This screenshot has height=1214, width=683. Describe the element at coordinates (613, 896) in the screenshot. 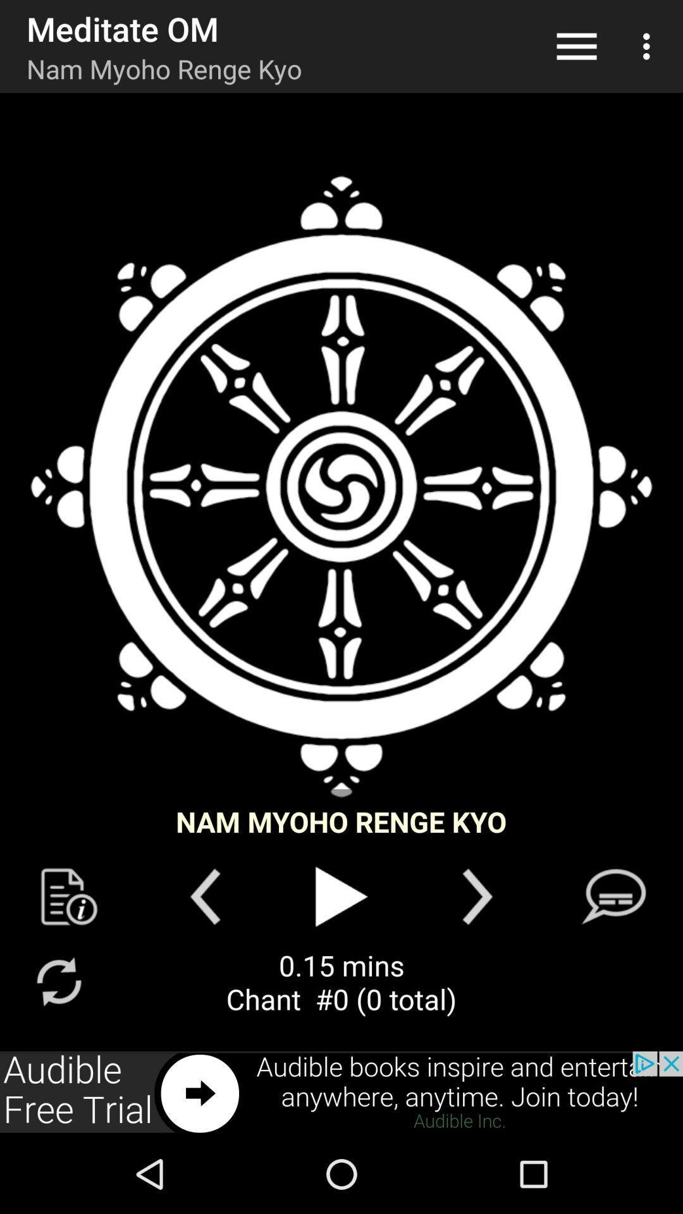

I see `social function` at that location.